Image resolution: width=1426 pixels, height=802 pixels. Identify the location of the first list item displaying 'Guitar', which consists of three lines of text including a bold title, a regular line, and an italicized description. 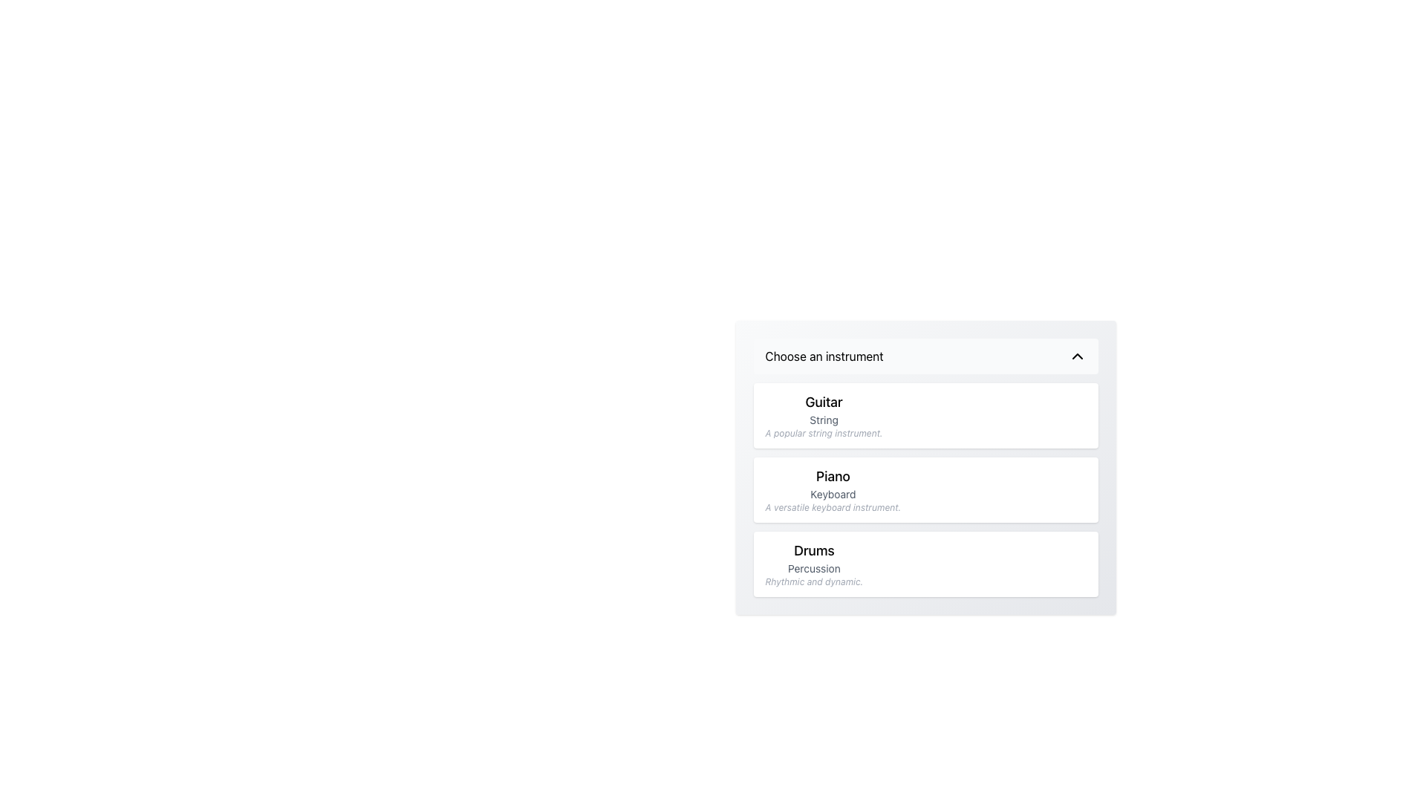
(823, 415).